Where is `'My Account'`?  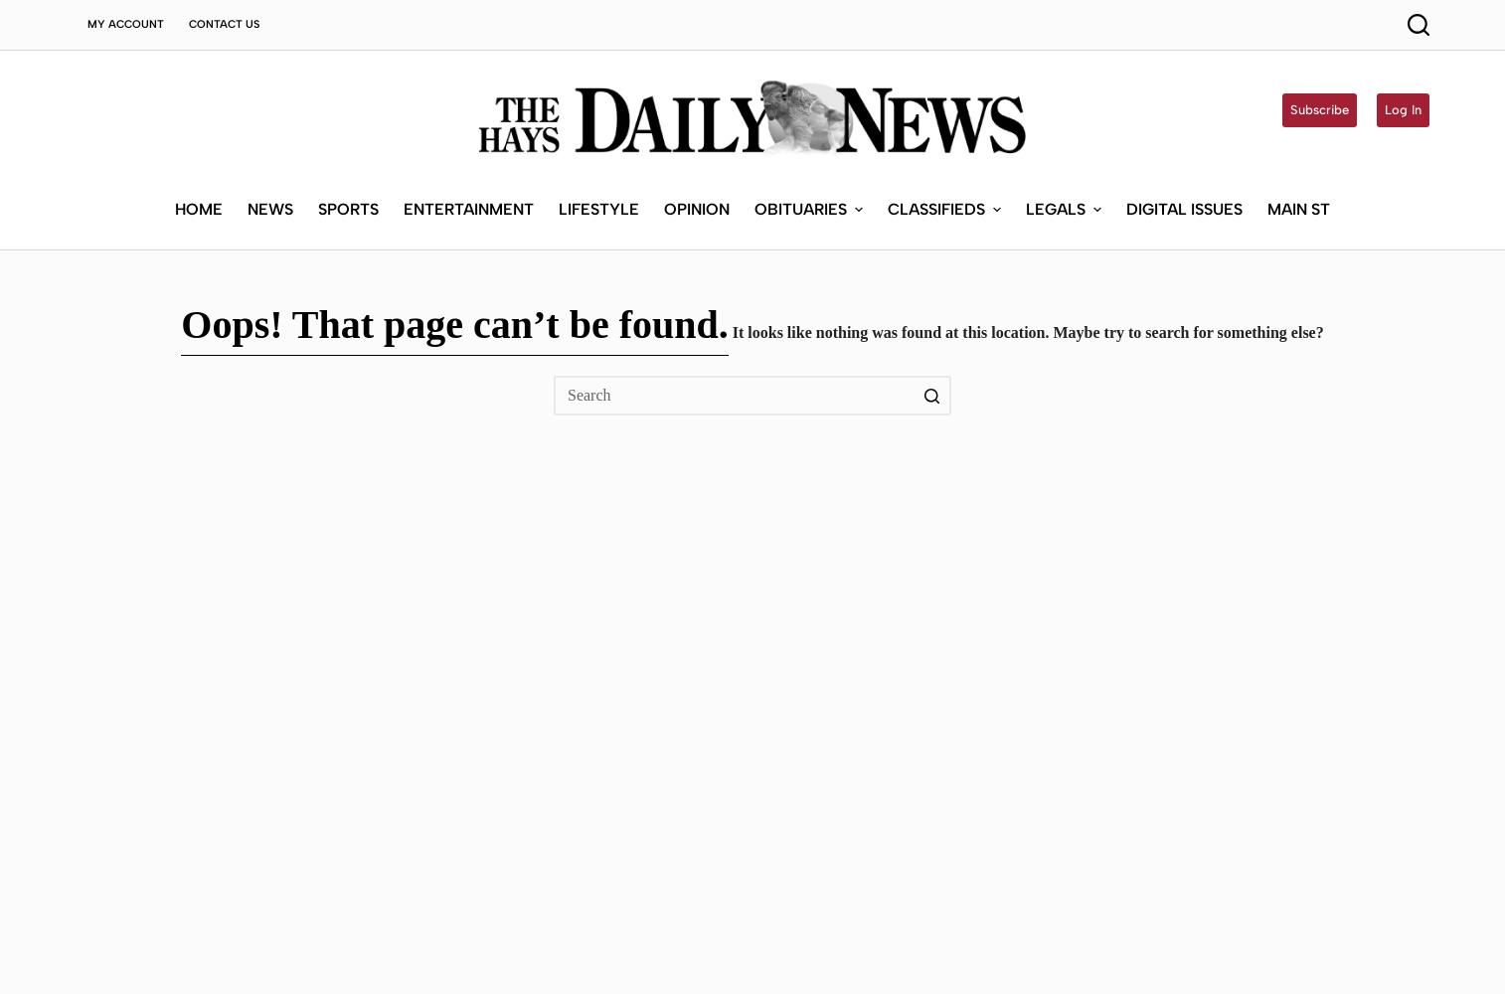
'My Account' is located at coordinates (124, 23).